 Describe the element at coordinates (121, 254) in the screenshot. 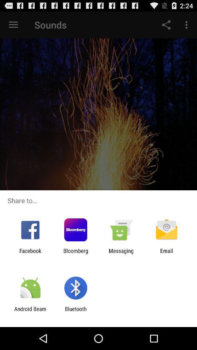

I see `the item to the right of bloomberg` at that location.